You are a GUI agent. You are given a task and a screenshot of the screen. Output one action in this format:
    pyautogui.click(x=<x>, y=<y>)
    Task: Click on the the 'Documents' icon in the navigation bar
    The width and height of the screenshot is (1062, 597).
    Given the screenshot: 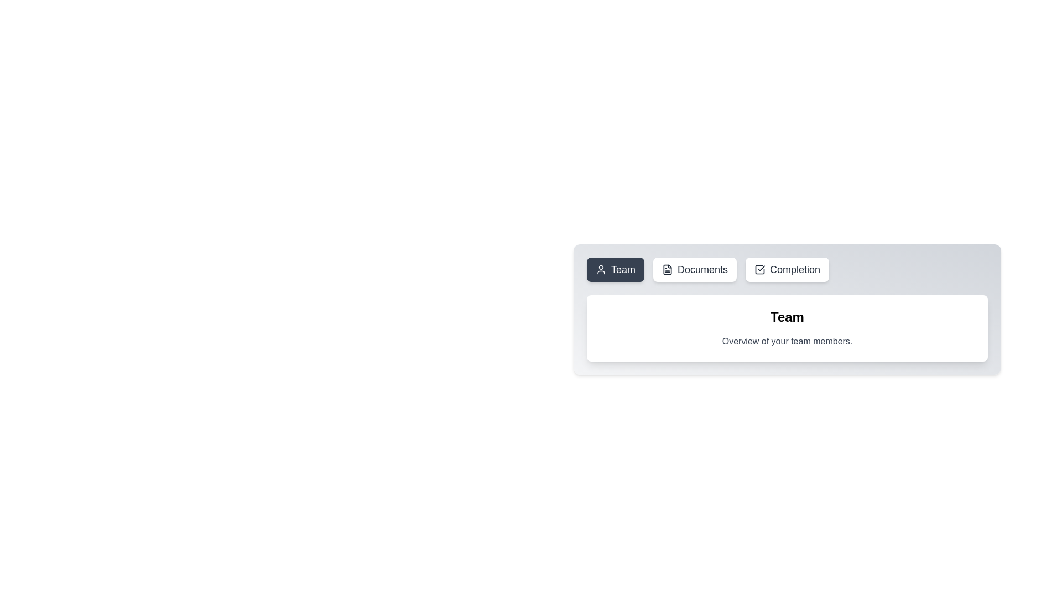 What is the action you would take?
    pyautogui.click(x=667, y=270)
    